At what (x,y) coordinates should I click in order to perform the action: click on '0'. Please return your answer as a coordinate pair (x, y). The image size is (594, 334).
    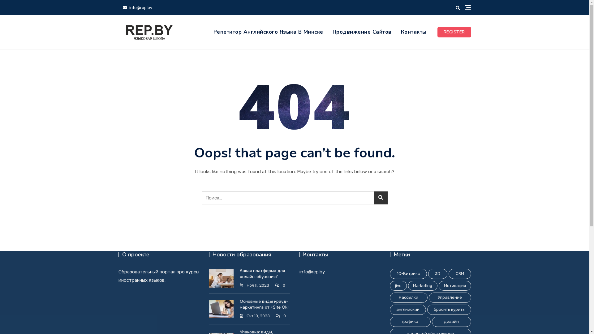
    Looking at the image, I should click on (280, 285).